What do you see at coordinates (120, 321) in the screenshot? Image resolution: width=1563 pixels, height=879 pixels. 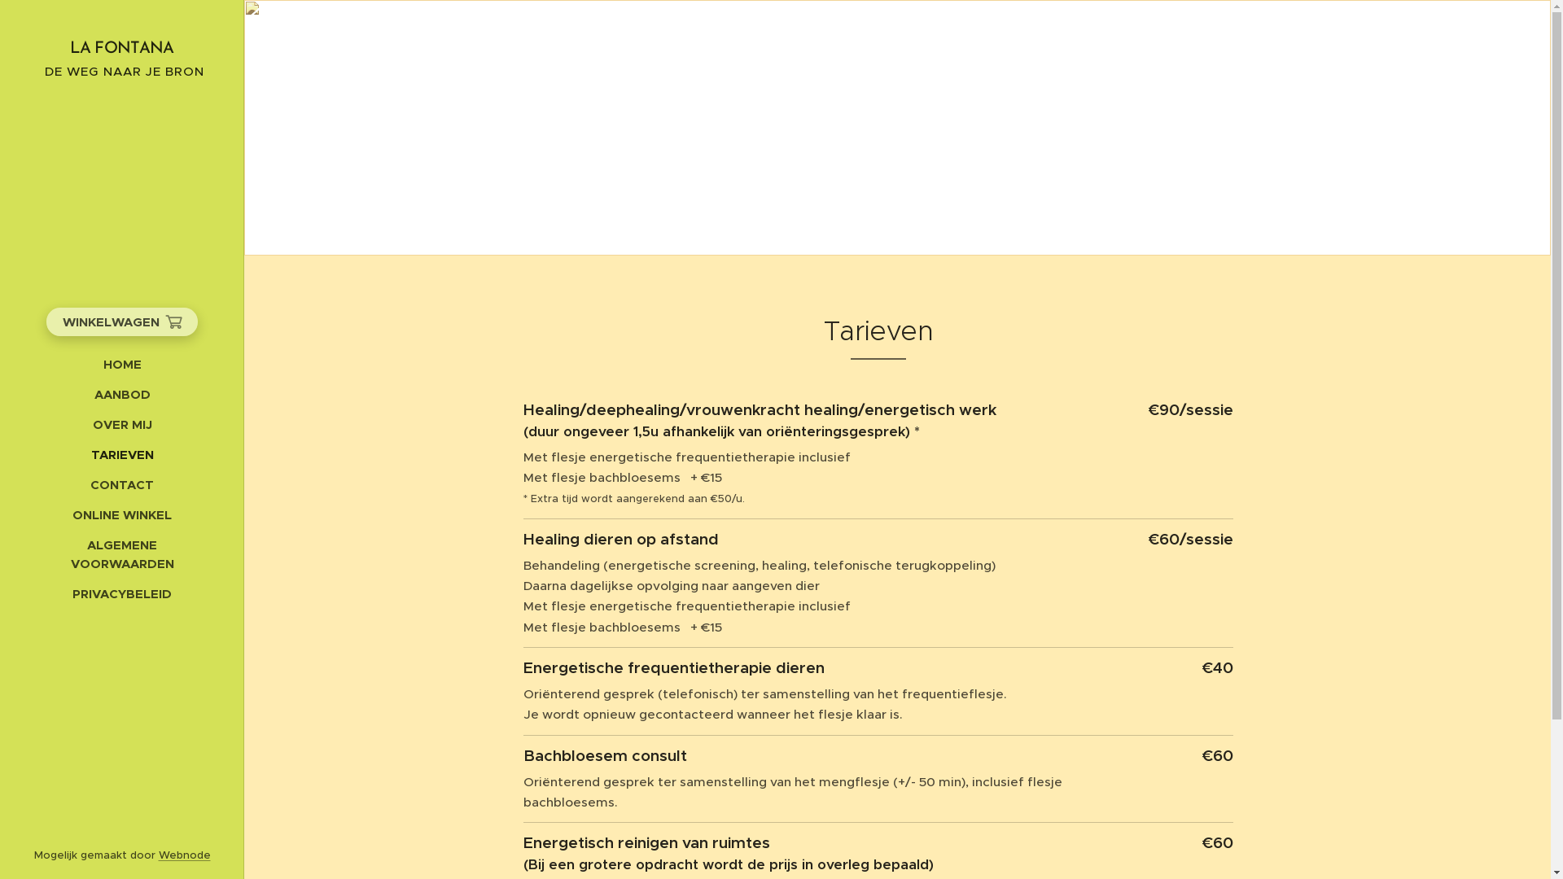 I see `'WINKELWAGEN'` at bounding box center [120, 321].